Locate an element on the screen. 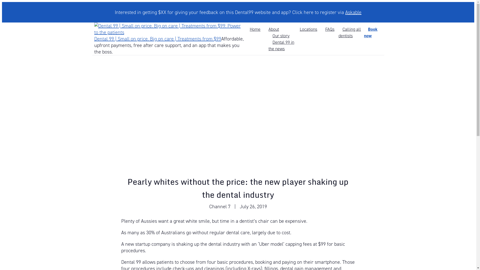 Image resolution: width=480 pixels, height=270 pixels. 'Locations' is located at coordinates (308, 29).